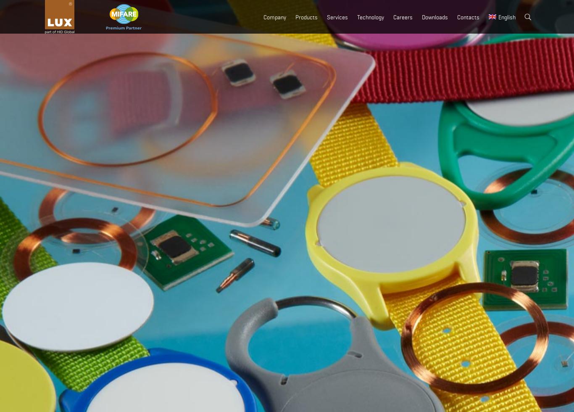  What do you see at coordinates (303, 116) in the screenshot?
I see `'Wrist bands'` at bounding box center [303, 116].